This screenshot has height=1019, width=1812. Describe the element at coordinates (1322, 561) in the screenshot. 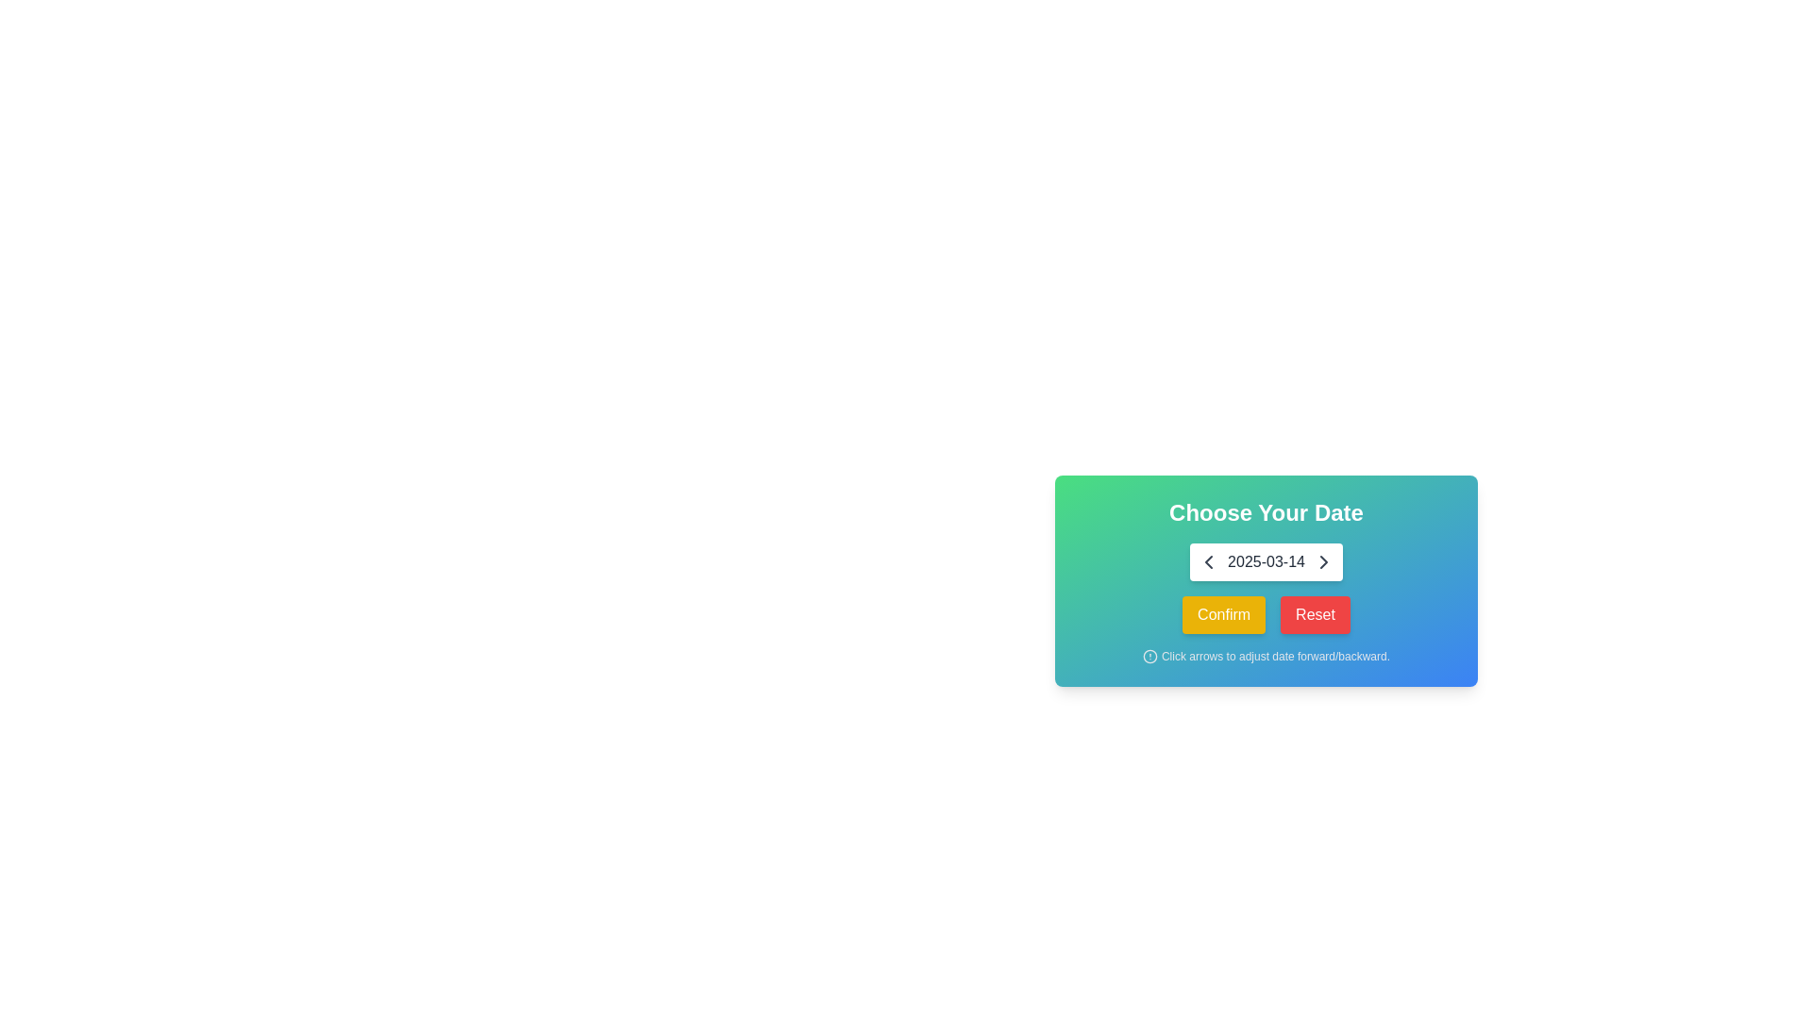

I see `the navigation button for advancing the date, which is located to the right of the date display showing '2025-03-14'` at that location.